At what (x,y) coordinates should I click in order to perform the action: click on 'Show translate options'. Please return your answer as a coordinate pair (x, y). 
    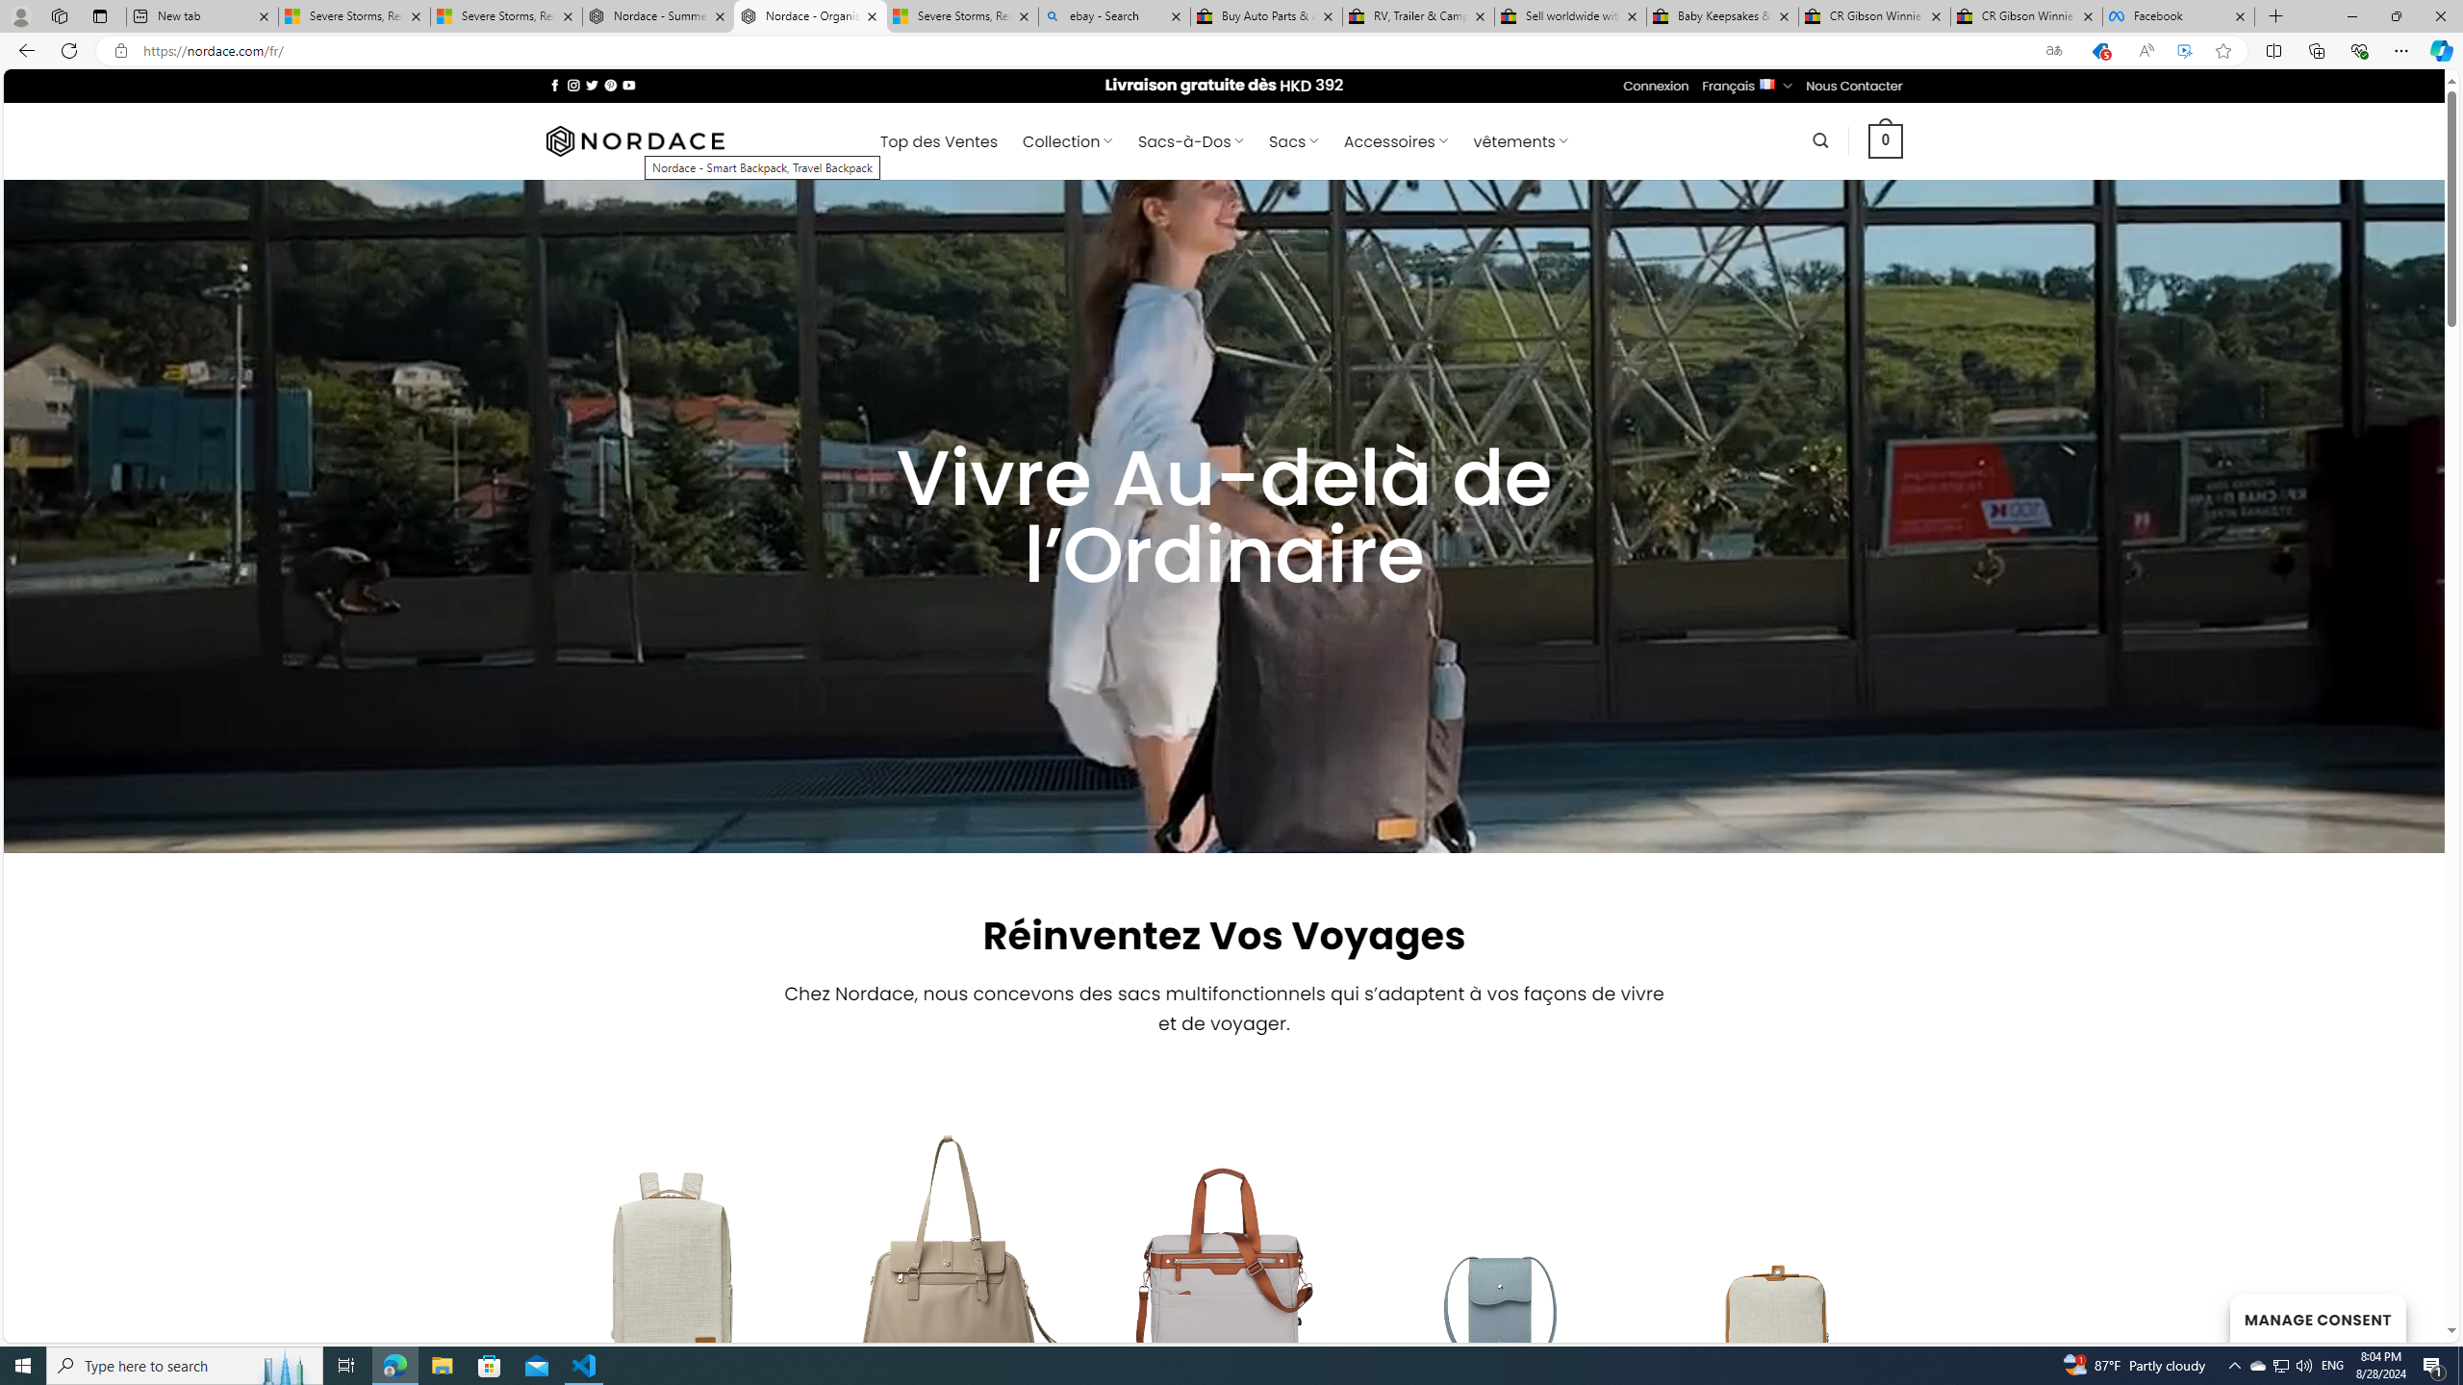
    Looking at the image, I should click on (2054, 51).